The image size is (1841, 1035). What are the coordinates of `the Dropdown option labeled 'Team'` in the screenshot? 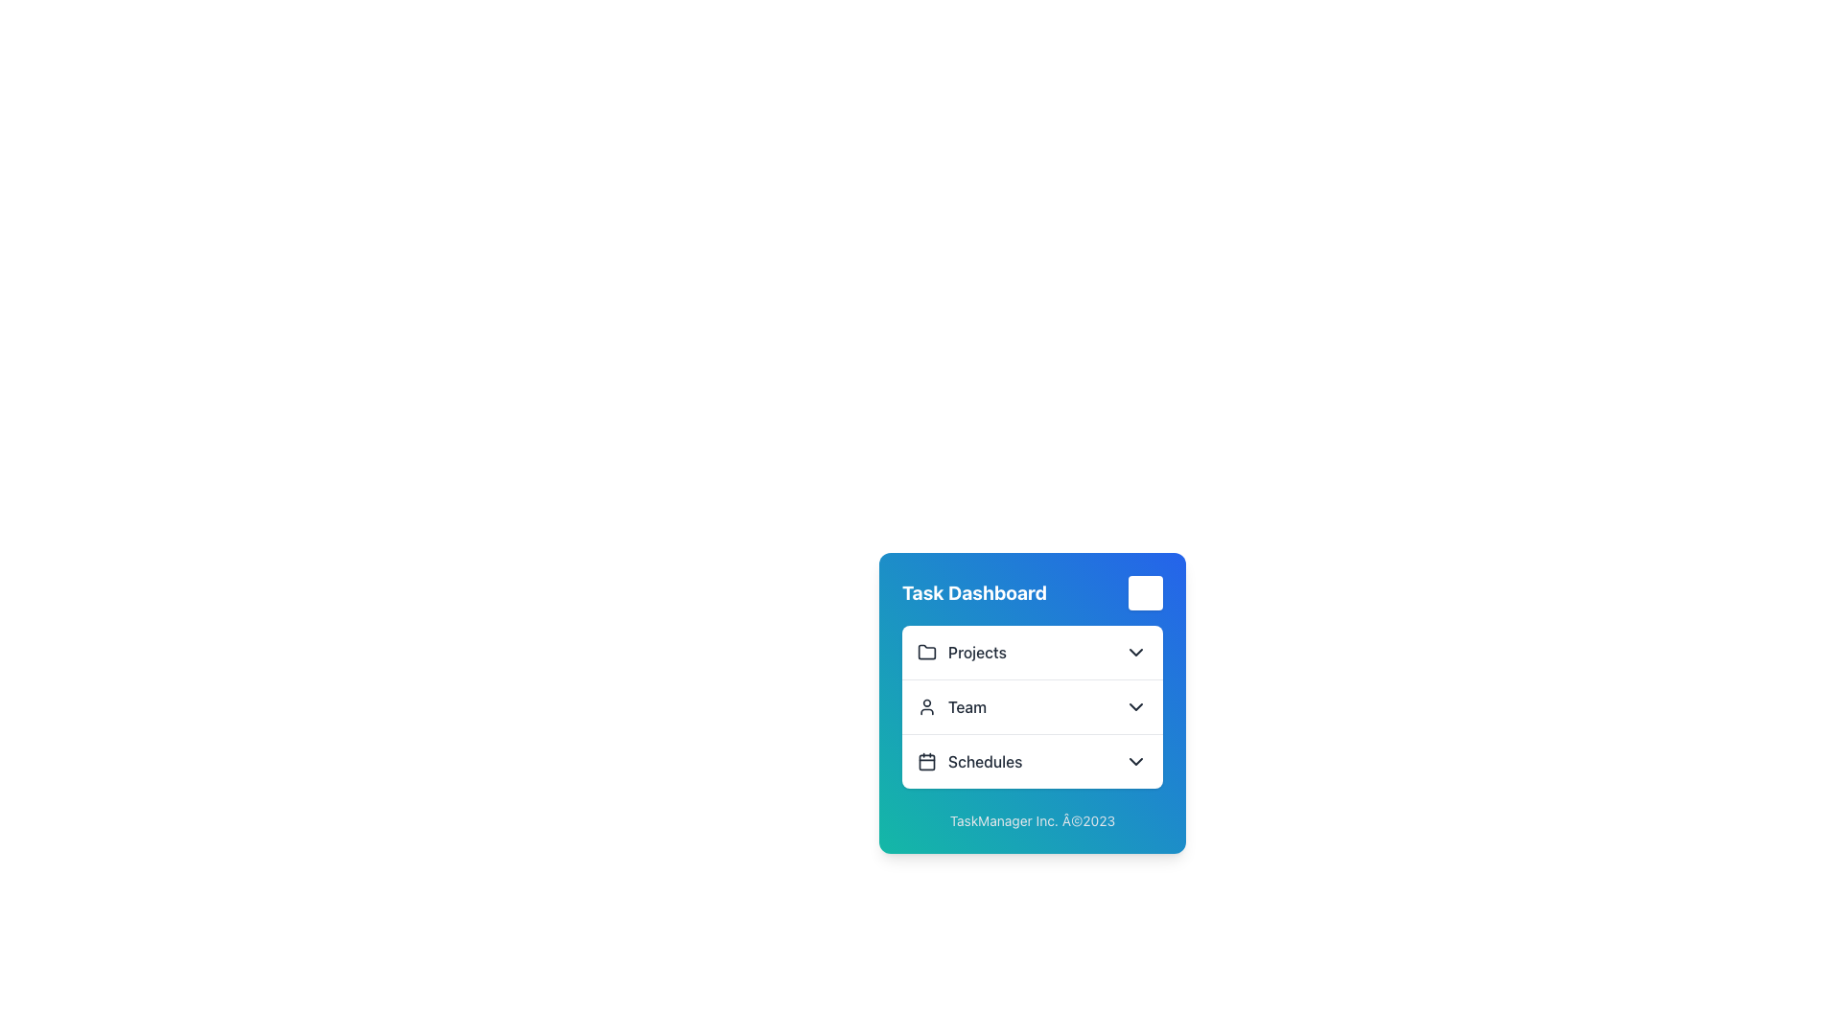 It's located at (1031, 706).